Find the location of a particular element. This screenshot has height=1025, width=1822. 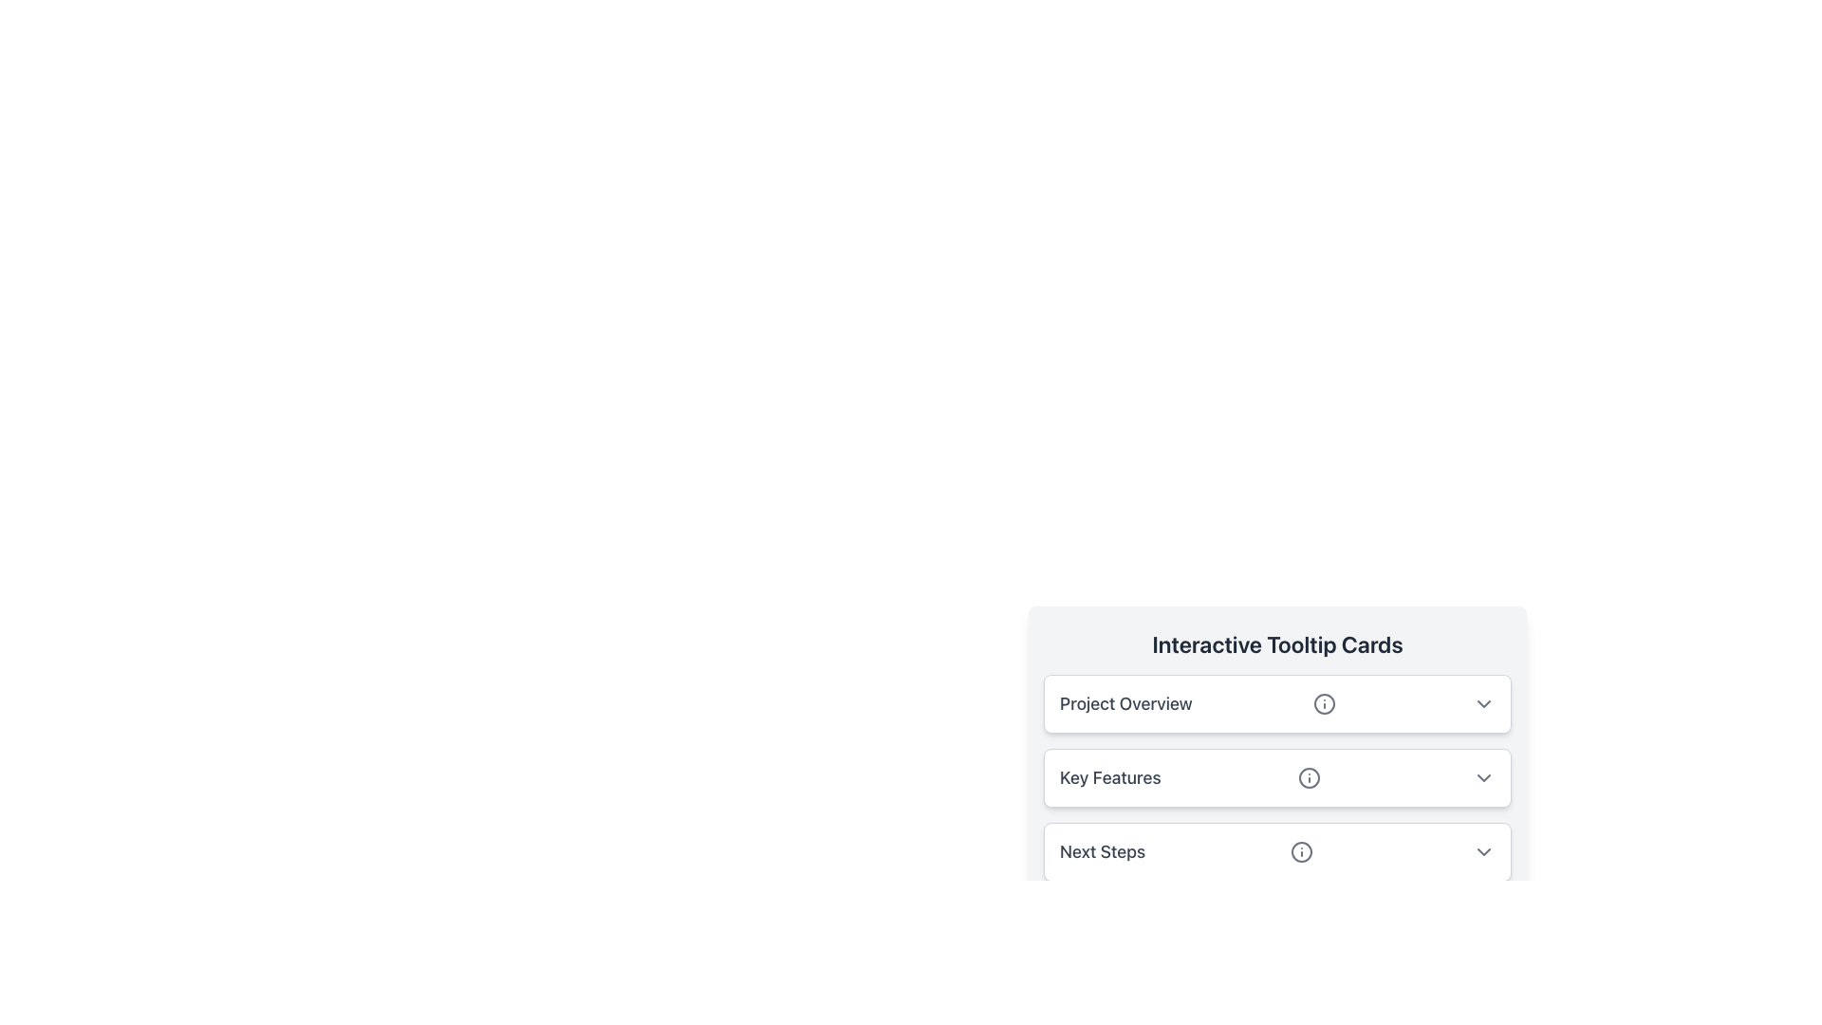

the Informational Icon, which is a circular gray icon with an 'i' symbol located to the right of the 'Key Features' label in the 'Interactive Tooltip Cards' section is located at coordinates (1308, 778).